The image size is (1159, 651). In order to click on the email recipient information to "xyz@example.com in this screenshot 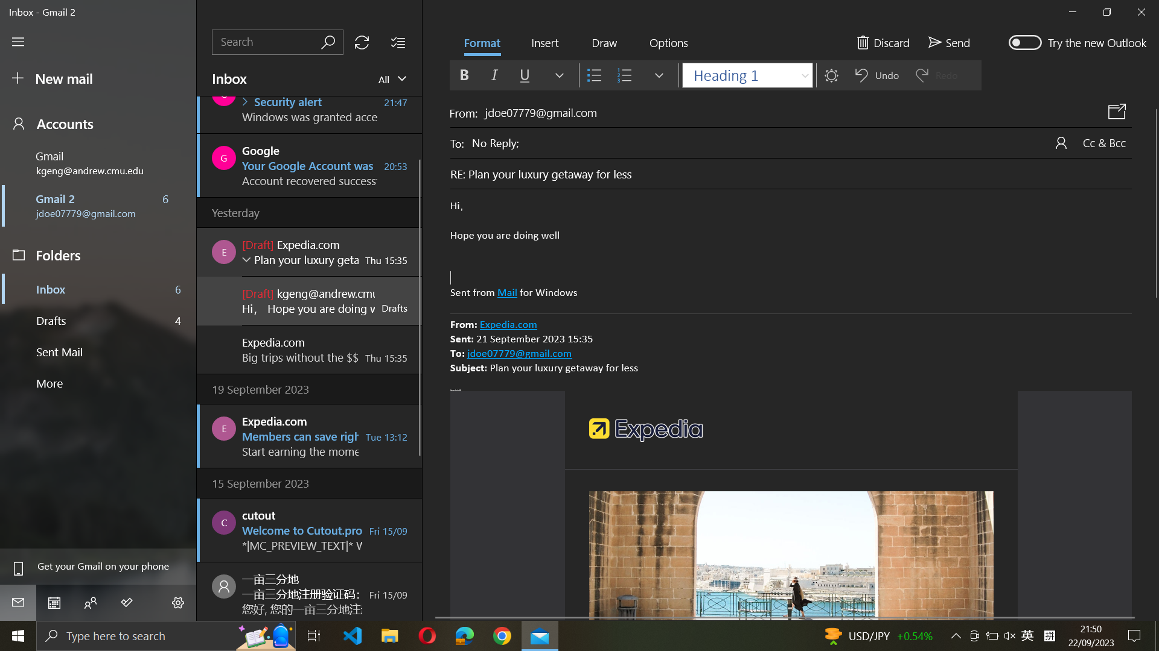, I will do `click(802, 141)`.